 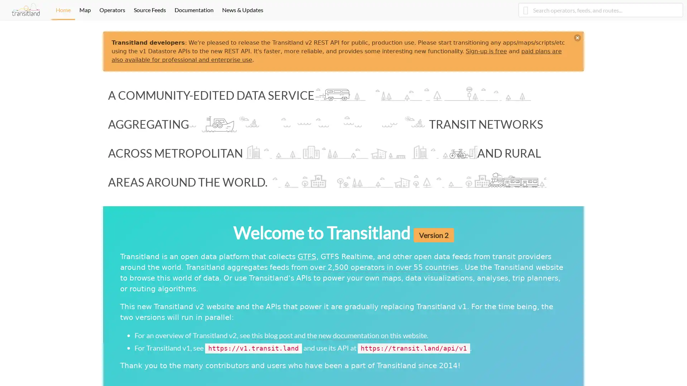 What do you see at coordinates (577, 38) in the screenshot?
I see `Close notification` at bounding box center [577, 38].